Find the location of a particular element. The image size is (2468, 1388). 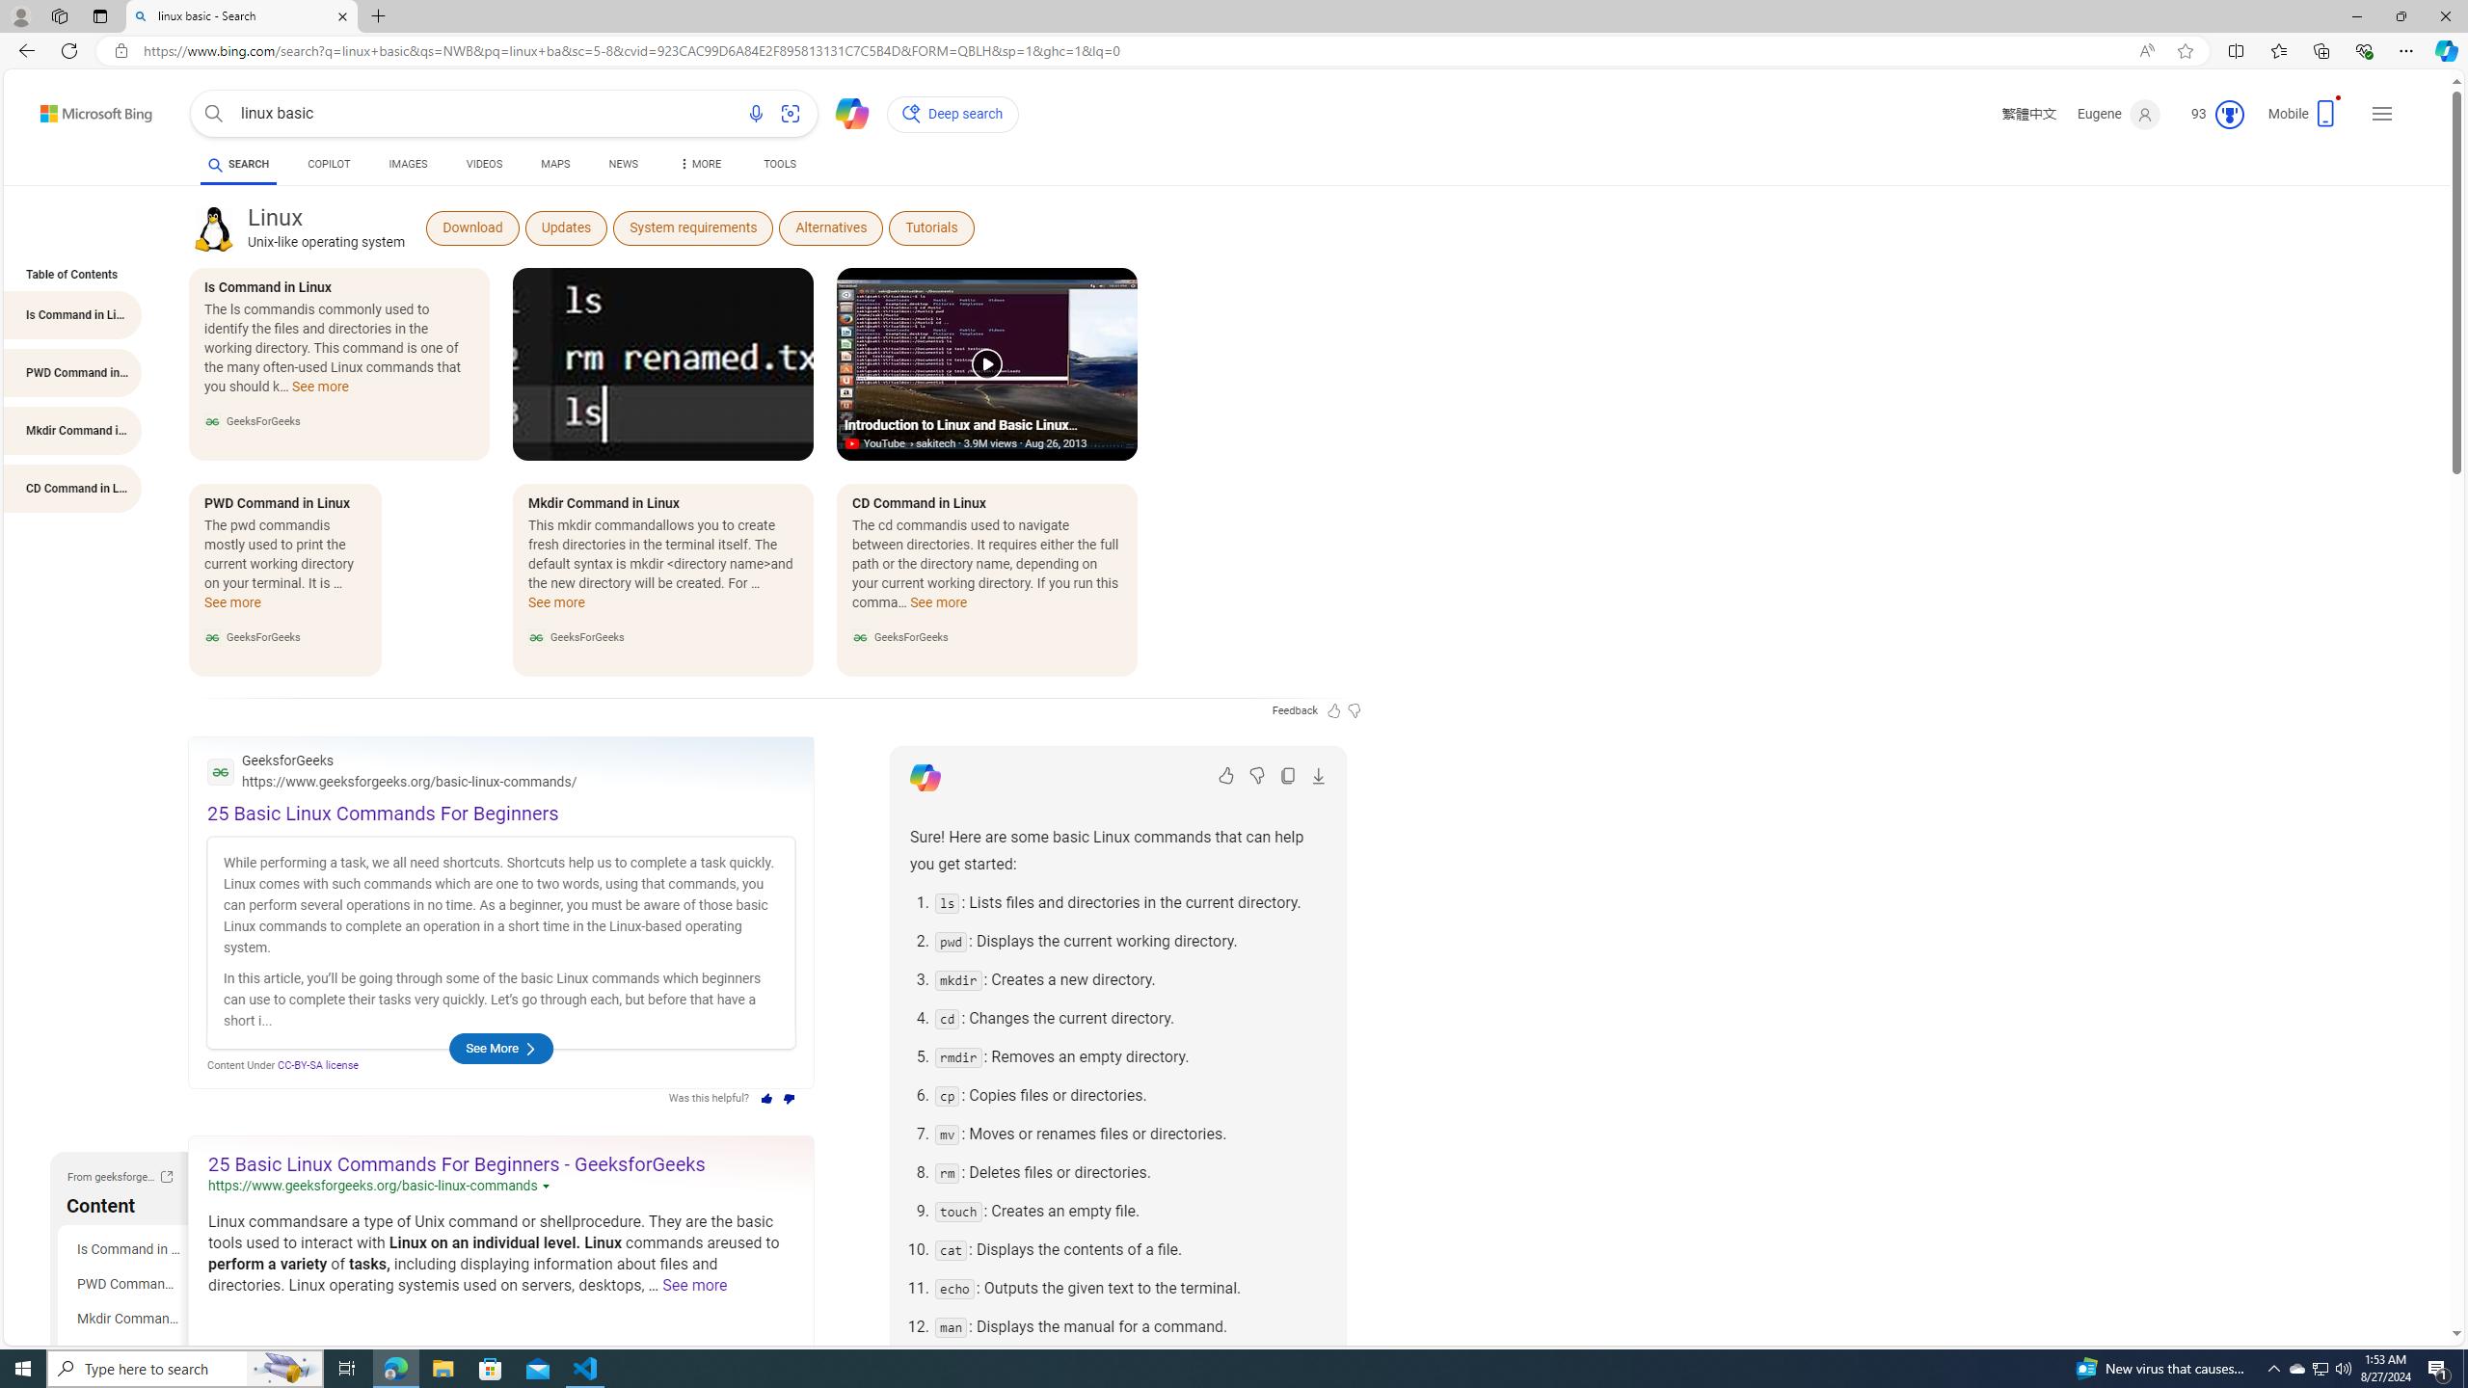

'MAPS' is located at coordinates (554, 166).